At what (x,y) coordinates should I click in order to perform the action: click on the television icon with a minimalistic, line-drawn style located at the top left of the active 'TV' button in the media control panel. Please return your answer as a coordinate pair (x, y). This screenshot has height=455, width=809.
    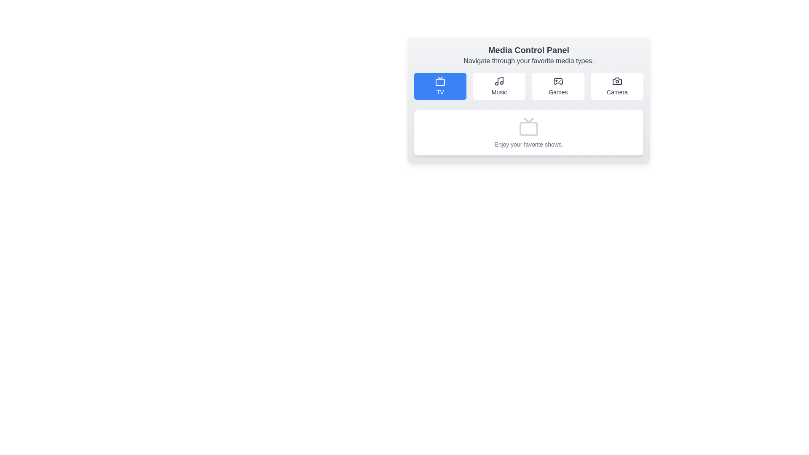
    Looking at the image, I should click on (440, 81).